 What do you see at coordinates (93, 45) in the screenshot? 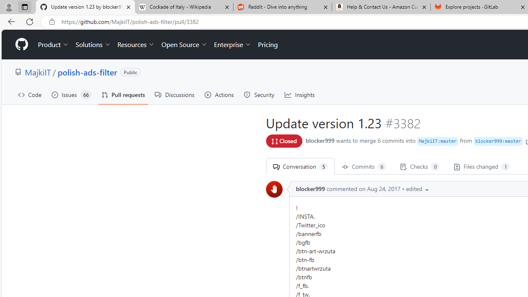
I see `'Solutions'` at bounding box center [93, 45].